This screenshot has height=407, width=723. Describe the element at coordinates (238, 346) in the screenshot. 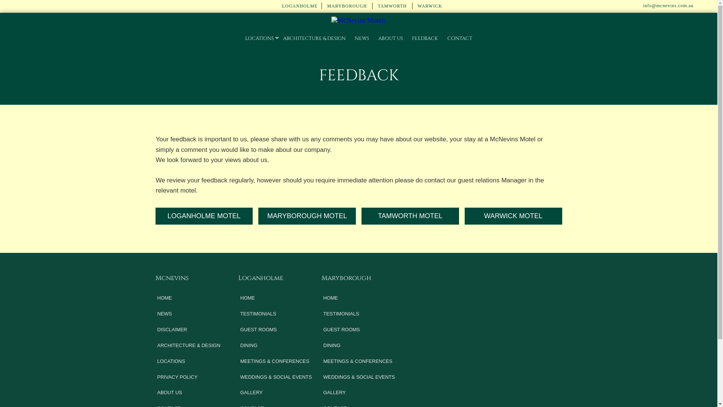

I see `'DINING'` at that location.